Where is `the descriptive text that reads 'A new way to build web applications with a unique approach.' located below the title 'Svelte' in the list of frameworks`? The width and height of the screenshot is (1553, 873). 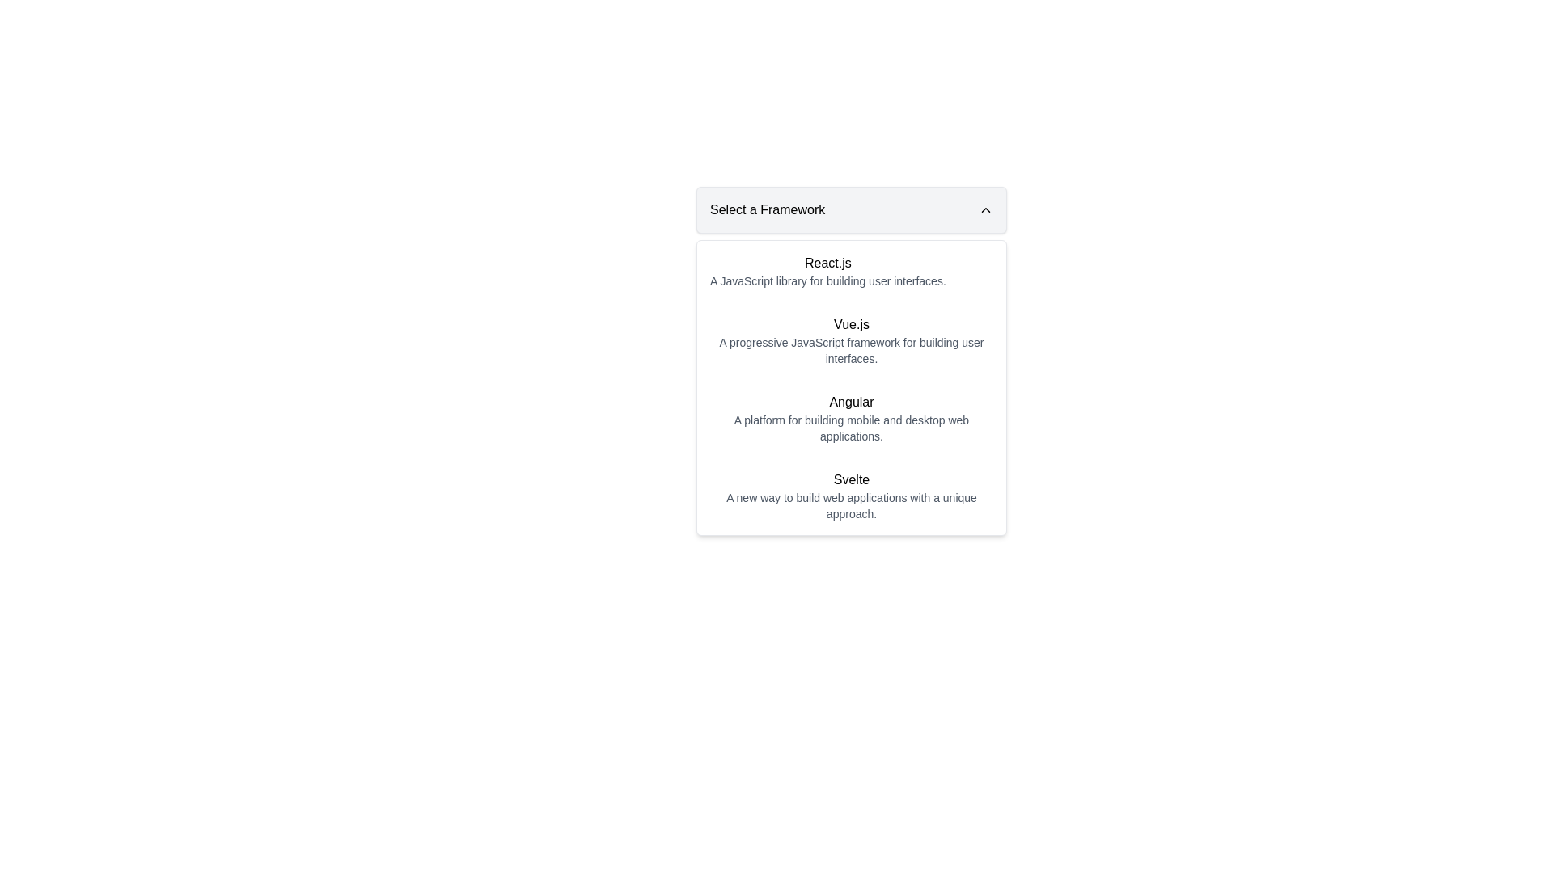
the descriptive text that reads 'A new way to build web applications with a unique approach.' located below the title 'Svelte' in the list of frameworks is located at coordinates (850, 504).